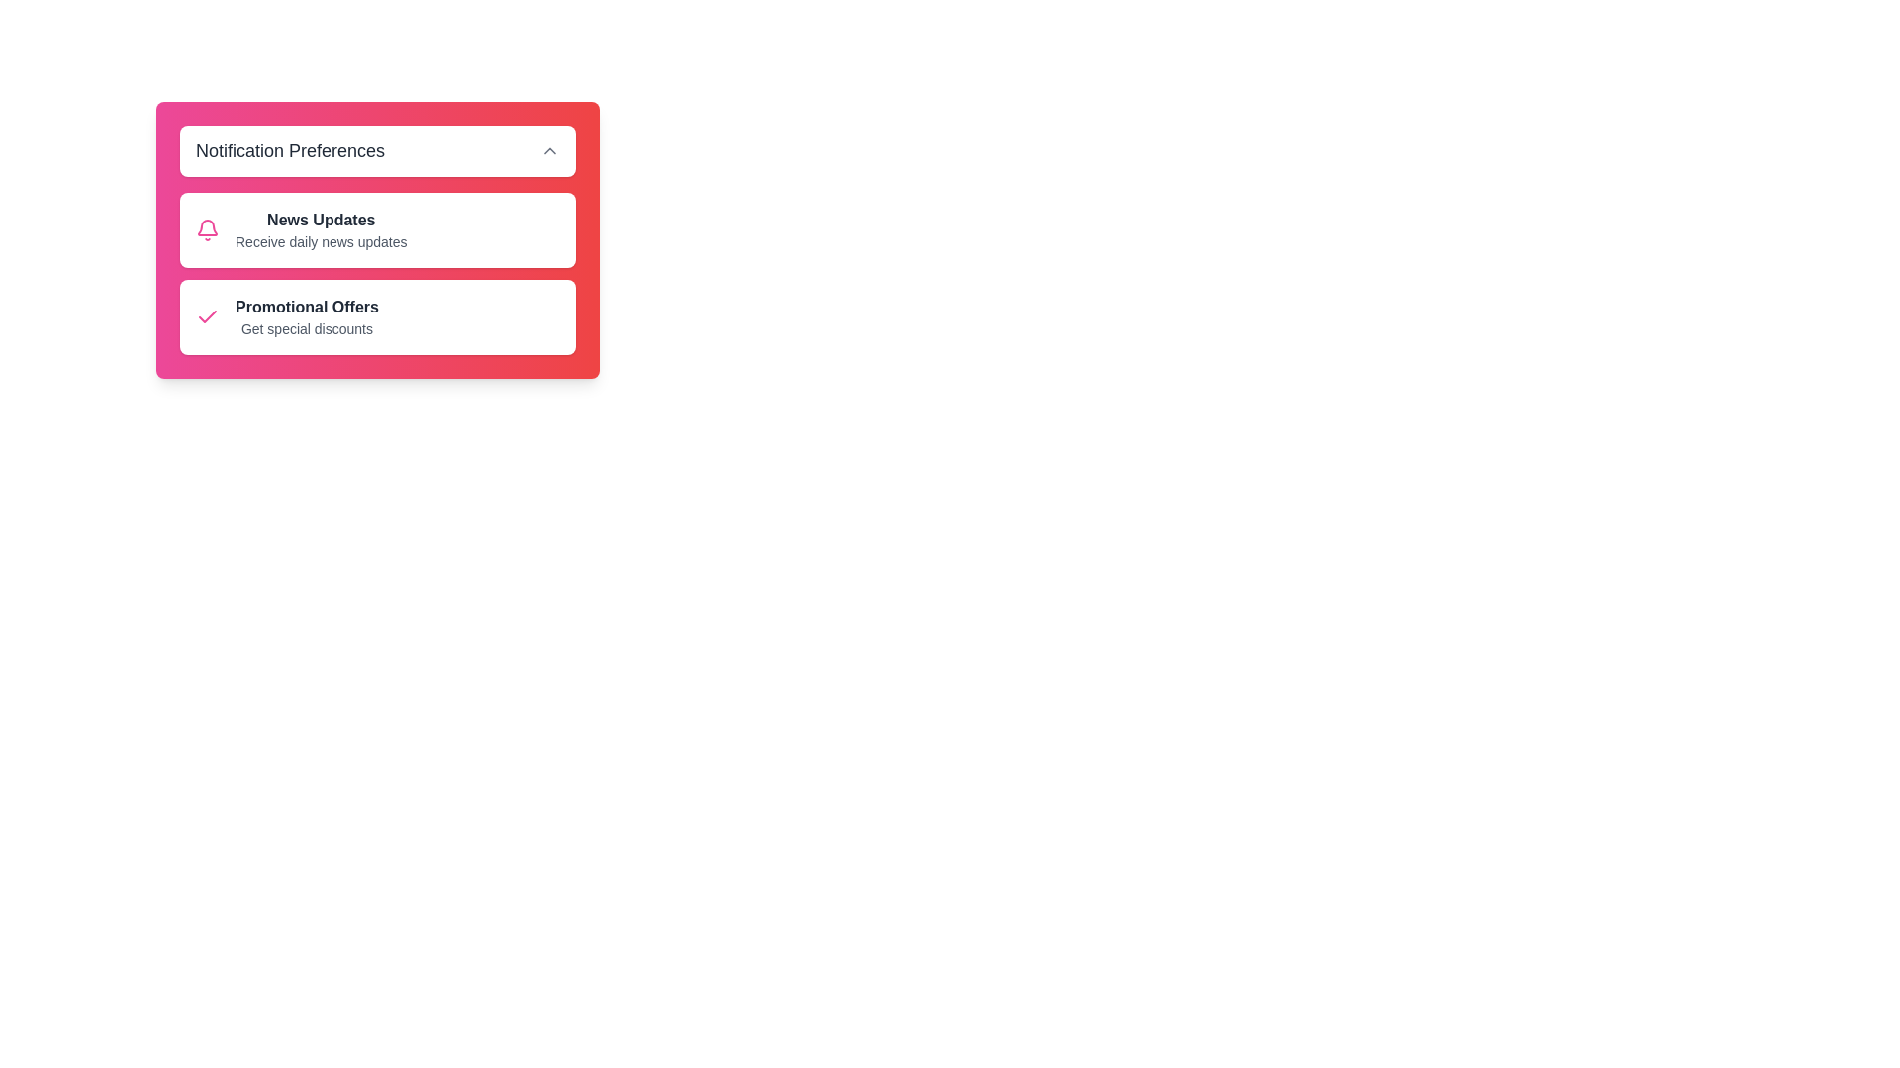 The width and height of the screenshot is (1900, 1068). What do you see at coordinates (378, 150) in the screenshot?
I see `the header button to toggle the menu open or closed` at bounding box center [378, 150].